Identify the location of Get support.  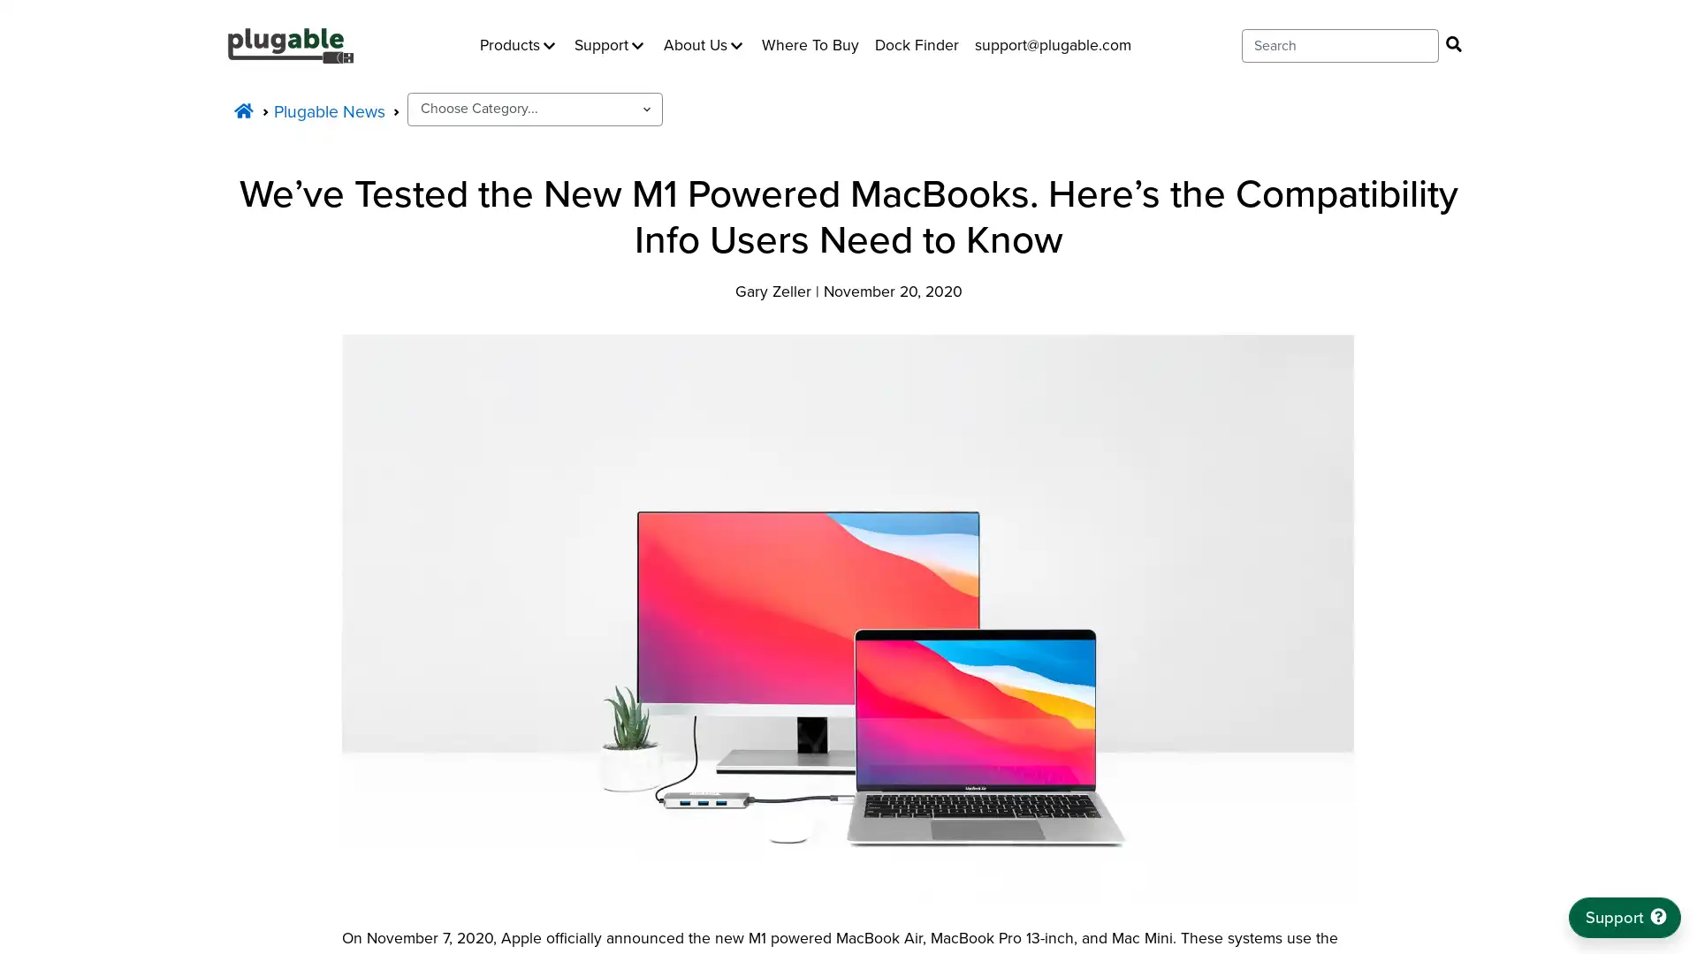
(1625, 916).